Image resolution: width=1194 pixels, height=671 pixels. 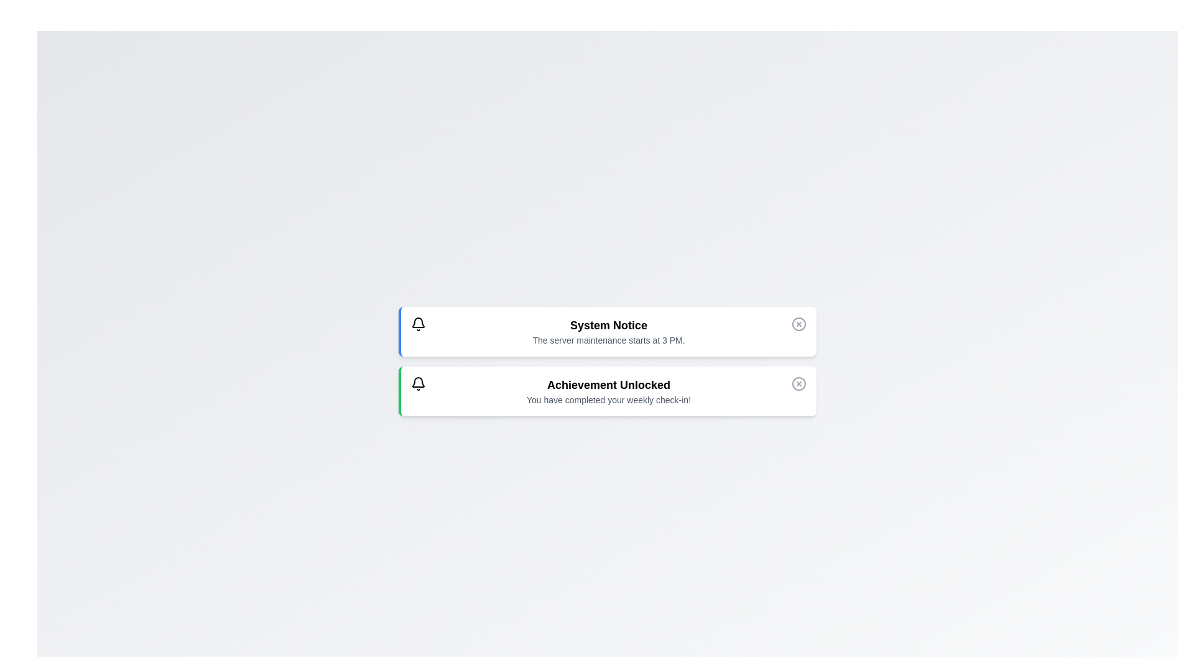 I want to click on the notification bar to read its details, so click(x=608, y=331).